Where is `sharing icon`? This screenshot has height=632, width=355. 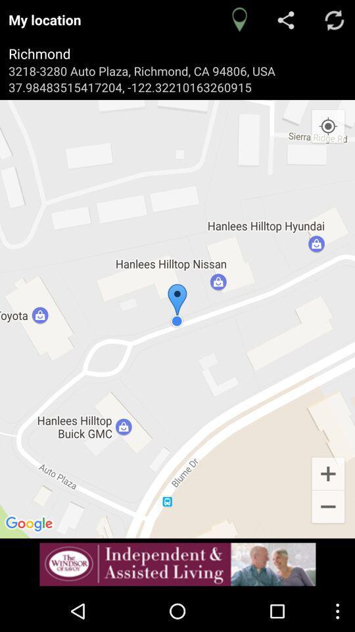 sharing icon is located at coordinates (287, 19).